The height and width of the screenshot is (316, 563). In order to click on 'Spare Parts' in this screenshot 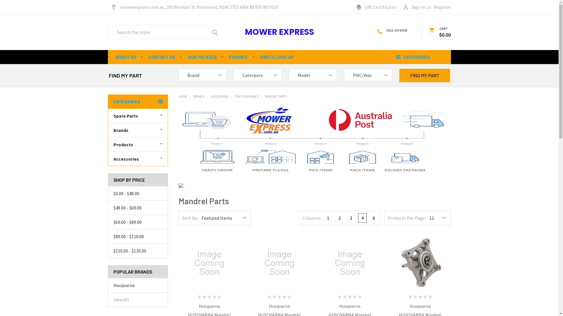, I will do `click(108, 116)`.